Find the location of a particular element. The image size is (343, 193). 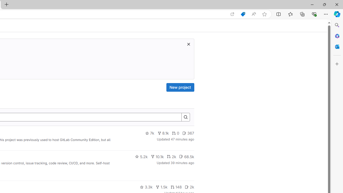

'Class: s16 gl-icon gl-button-icon ' is located at coordinates (188, 44).